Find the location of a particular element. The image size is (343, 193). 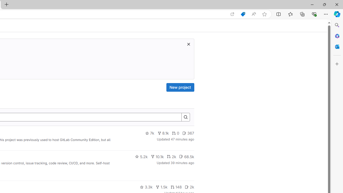

'Class: s16 gl-icon gl-button-icon ' is located at coordinates (188, 44).